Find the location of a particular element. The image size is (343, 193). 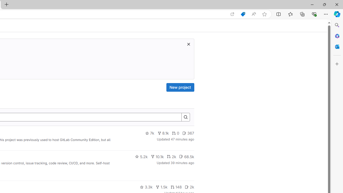

'Class: s16 gl-icon gl-button-icon ' is located at coordinates (188, 44).